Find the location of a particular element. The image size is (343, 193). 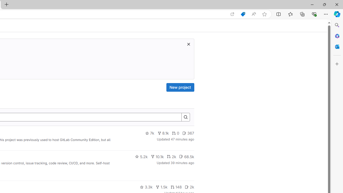

'Class: s16 gl-icon gl-button-icon ' is located at coordinates (188, 44).